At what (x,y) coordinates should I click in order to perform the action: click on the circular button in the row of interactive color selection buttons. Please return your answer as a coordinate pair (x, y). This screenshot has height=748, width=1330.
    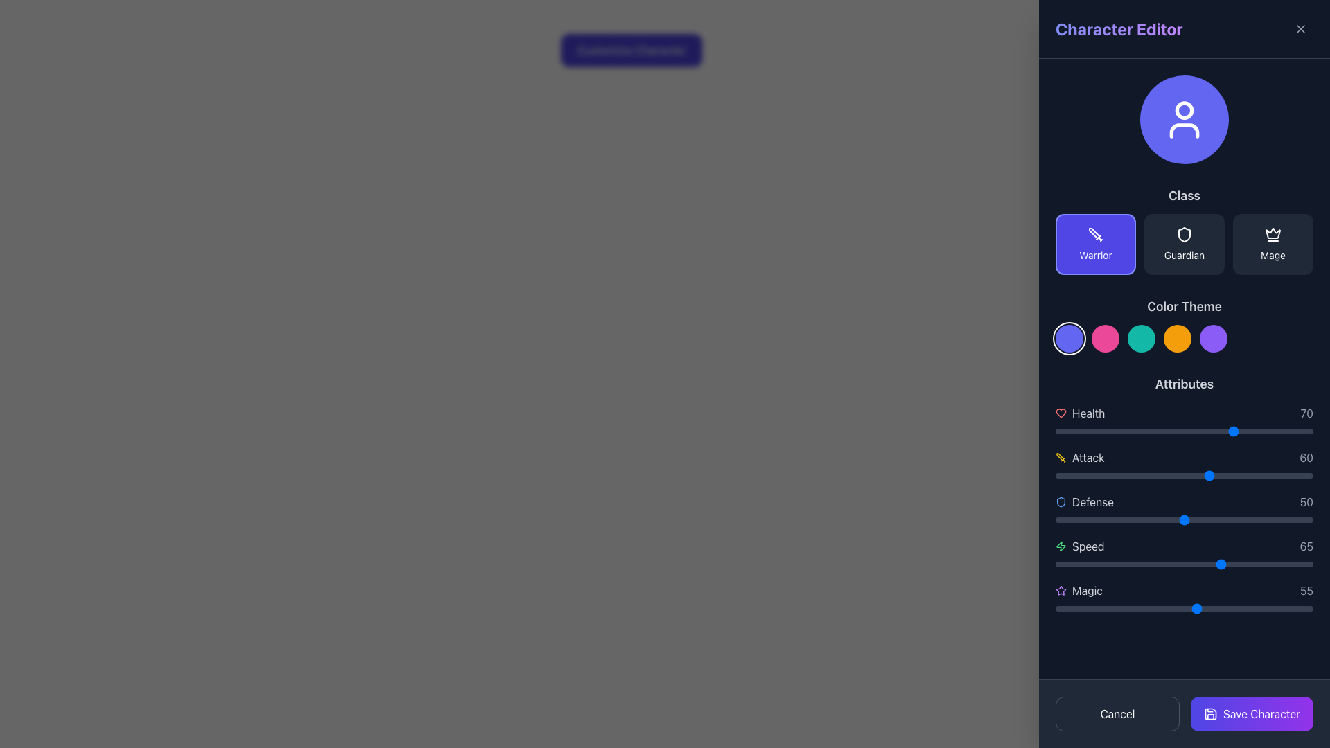
    Looking at the image, I should click on (1183, 339).